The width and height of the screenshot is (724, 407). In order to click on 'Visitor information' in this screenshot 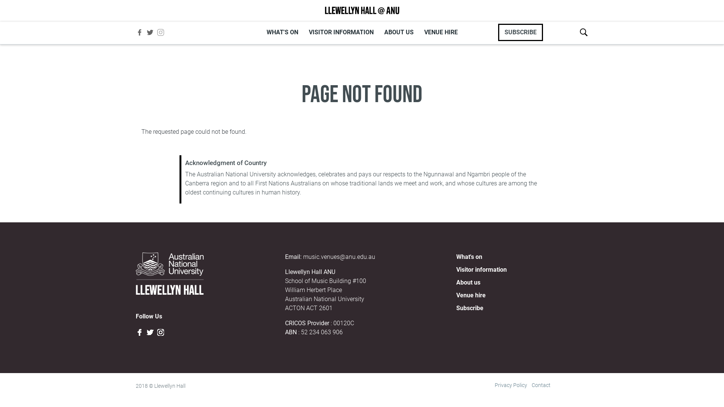, I will do `click(481, 269)`.